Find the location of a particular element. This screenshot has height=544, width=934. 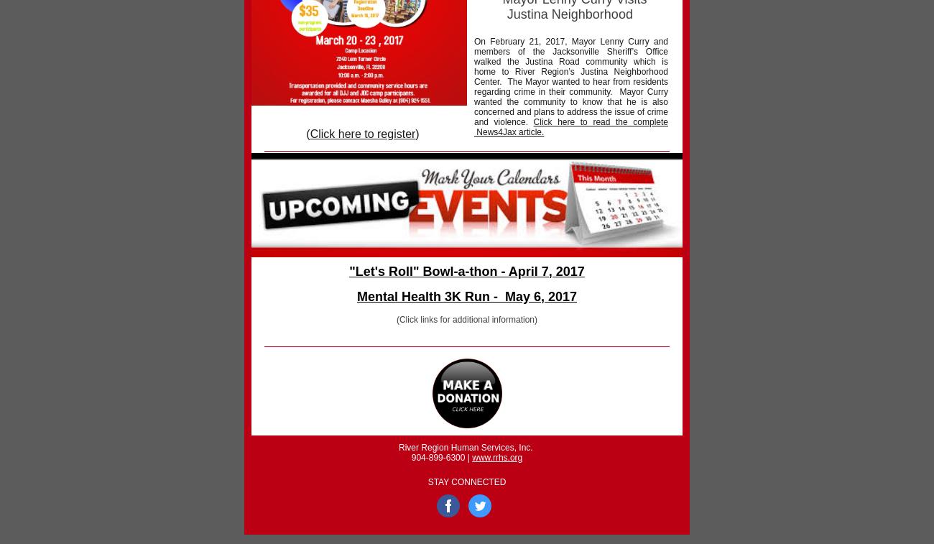

'On February 21, 2017, Mayor Lenny Curry and members of the Jacksonville Sheriff’s Office walked the Justina Road community which is home to River Region’s Justina Neighborhood Center.  The Mayor wanted to hear from residents regarding crime in their community.  Mayor Curry wanted the community to know that he is also concerned and plans to address the issue of crime and violence.' is located at coordinates (570, 80).